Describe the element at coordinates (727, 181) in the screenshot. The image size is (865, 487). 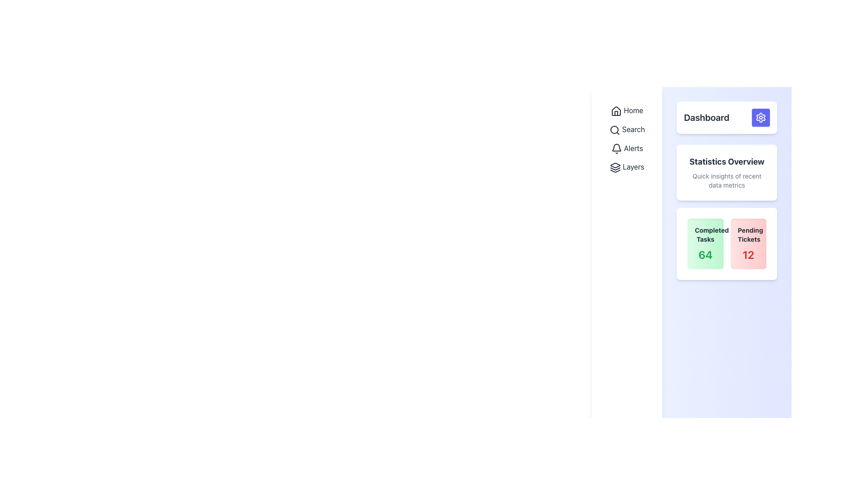
I see `text content located in the 'Statistics Overview' card, which provides additional context or a brief description about the card's purpose` at that location.